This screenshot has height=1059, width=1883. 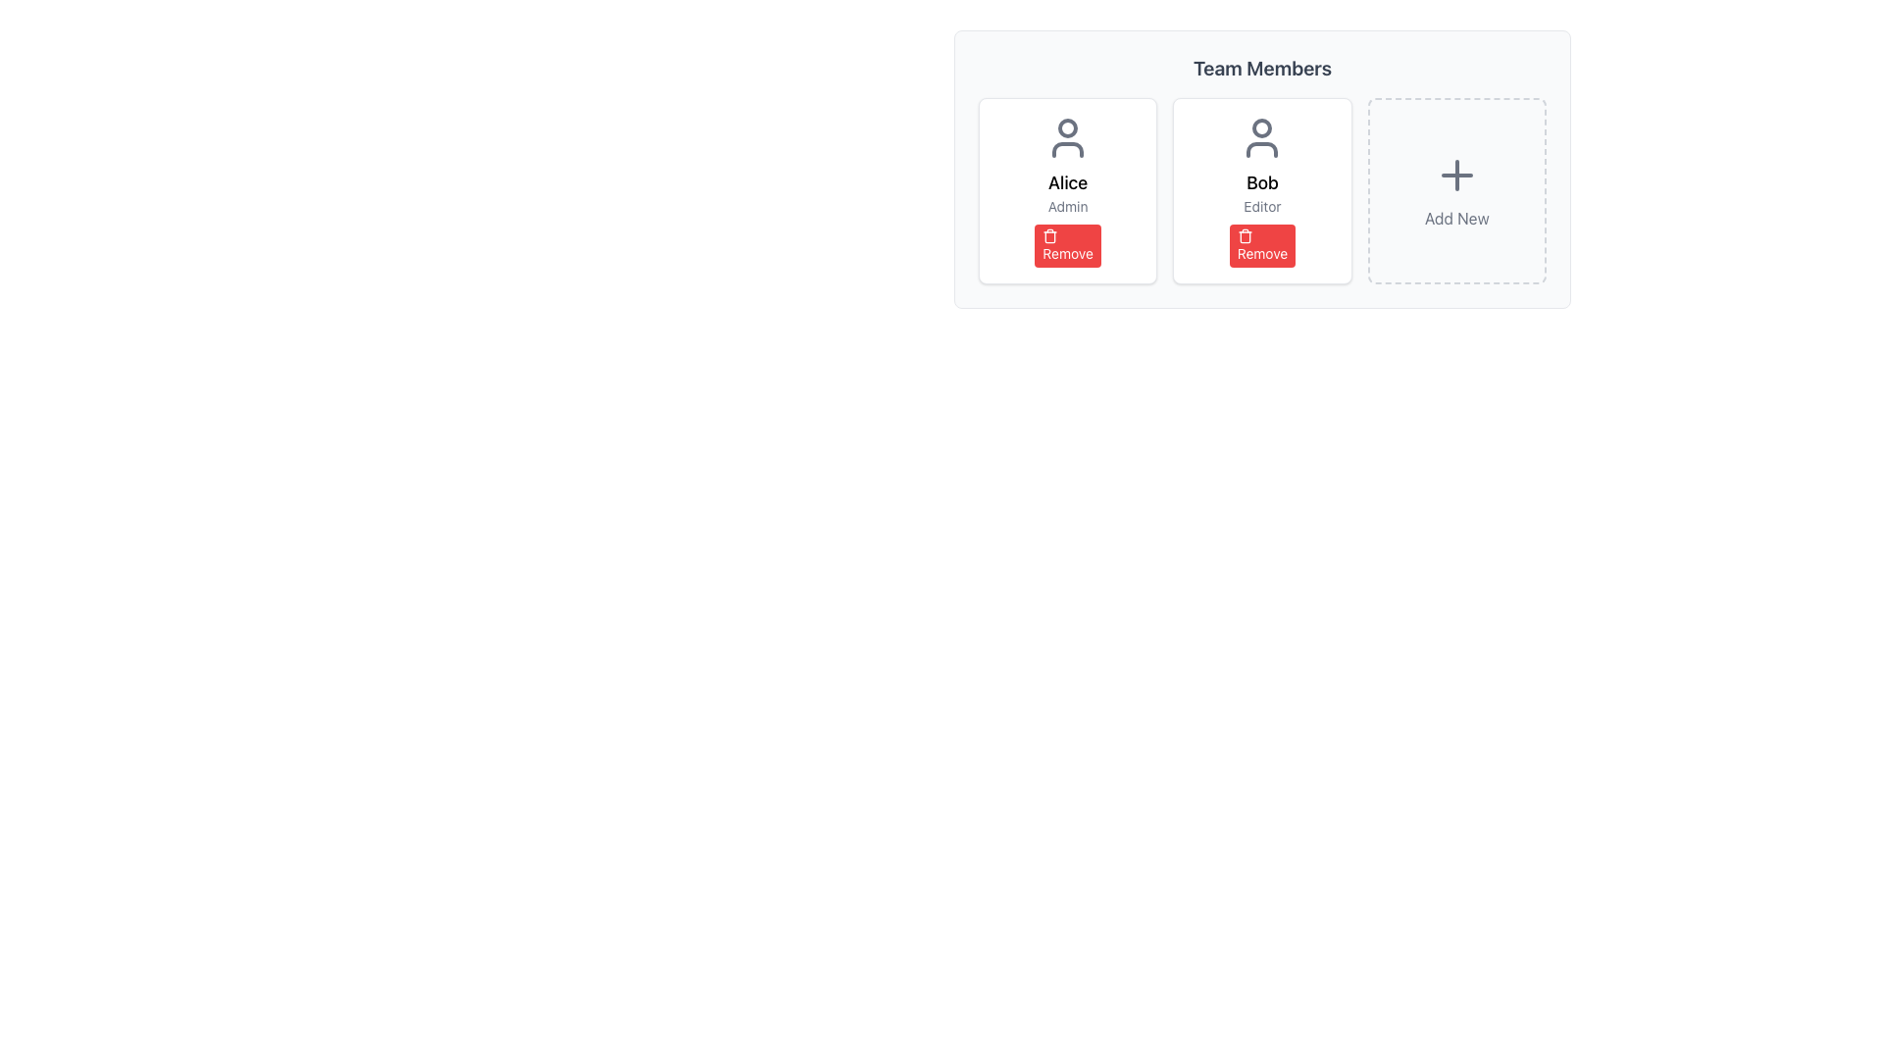 I want to click on the text label displaying the role 'Admin' for team member 'Alice', located in the Team Members section card, so click(x=1067, y=207).